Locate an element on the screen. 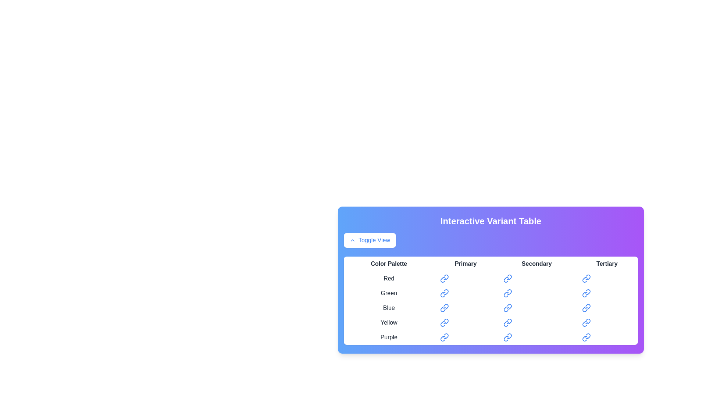  the Hyperlink icon located in the 'Secondary' column and 'Red' row of the Interactive Variant Table is located at coordinates (507, 279).